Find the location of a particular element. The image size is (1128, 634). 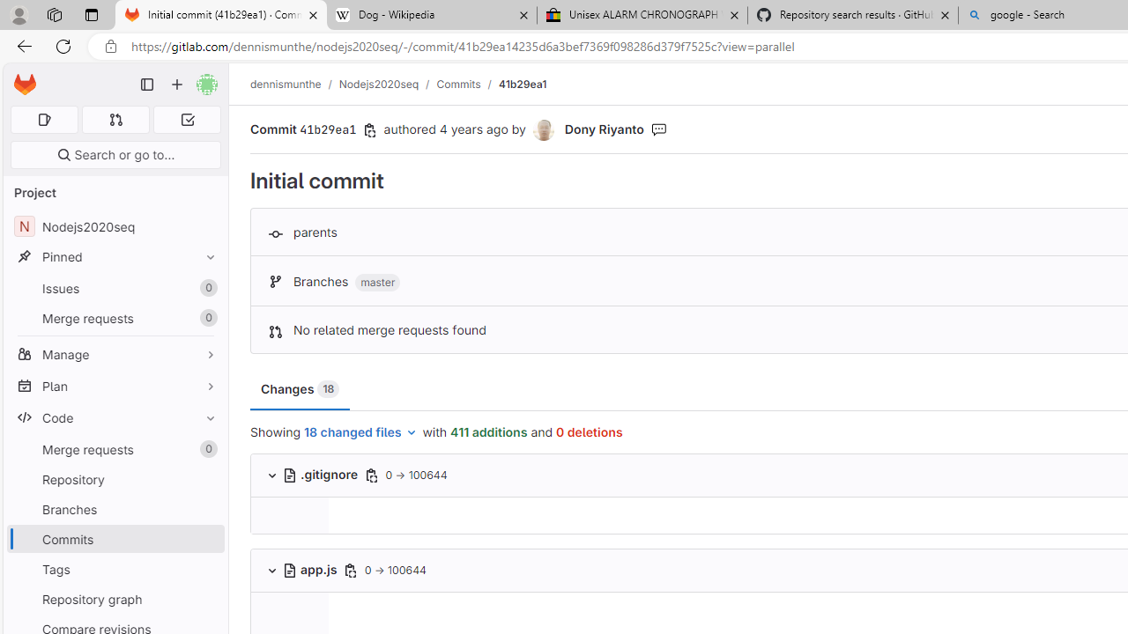

'Skip to main content' is located at coordinates (20, 76).